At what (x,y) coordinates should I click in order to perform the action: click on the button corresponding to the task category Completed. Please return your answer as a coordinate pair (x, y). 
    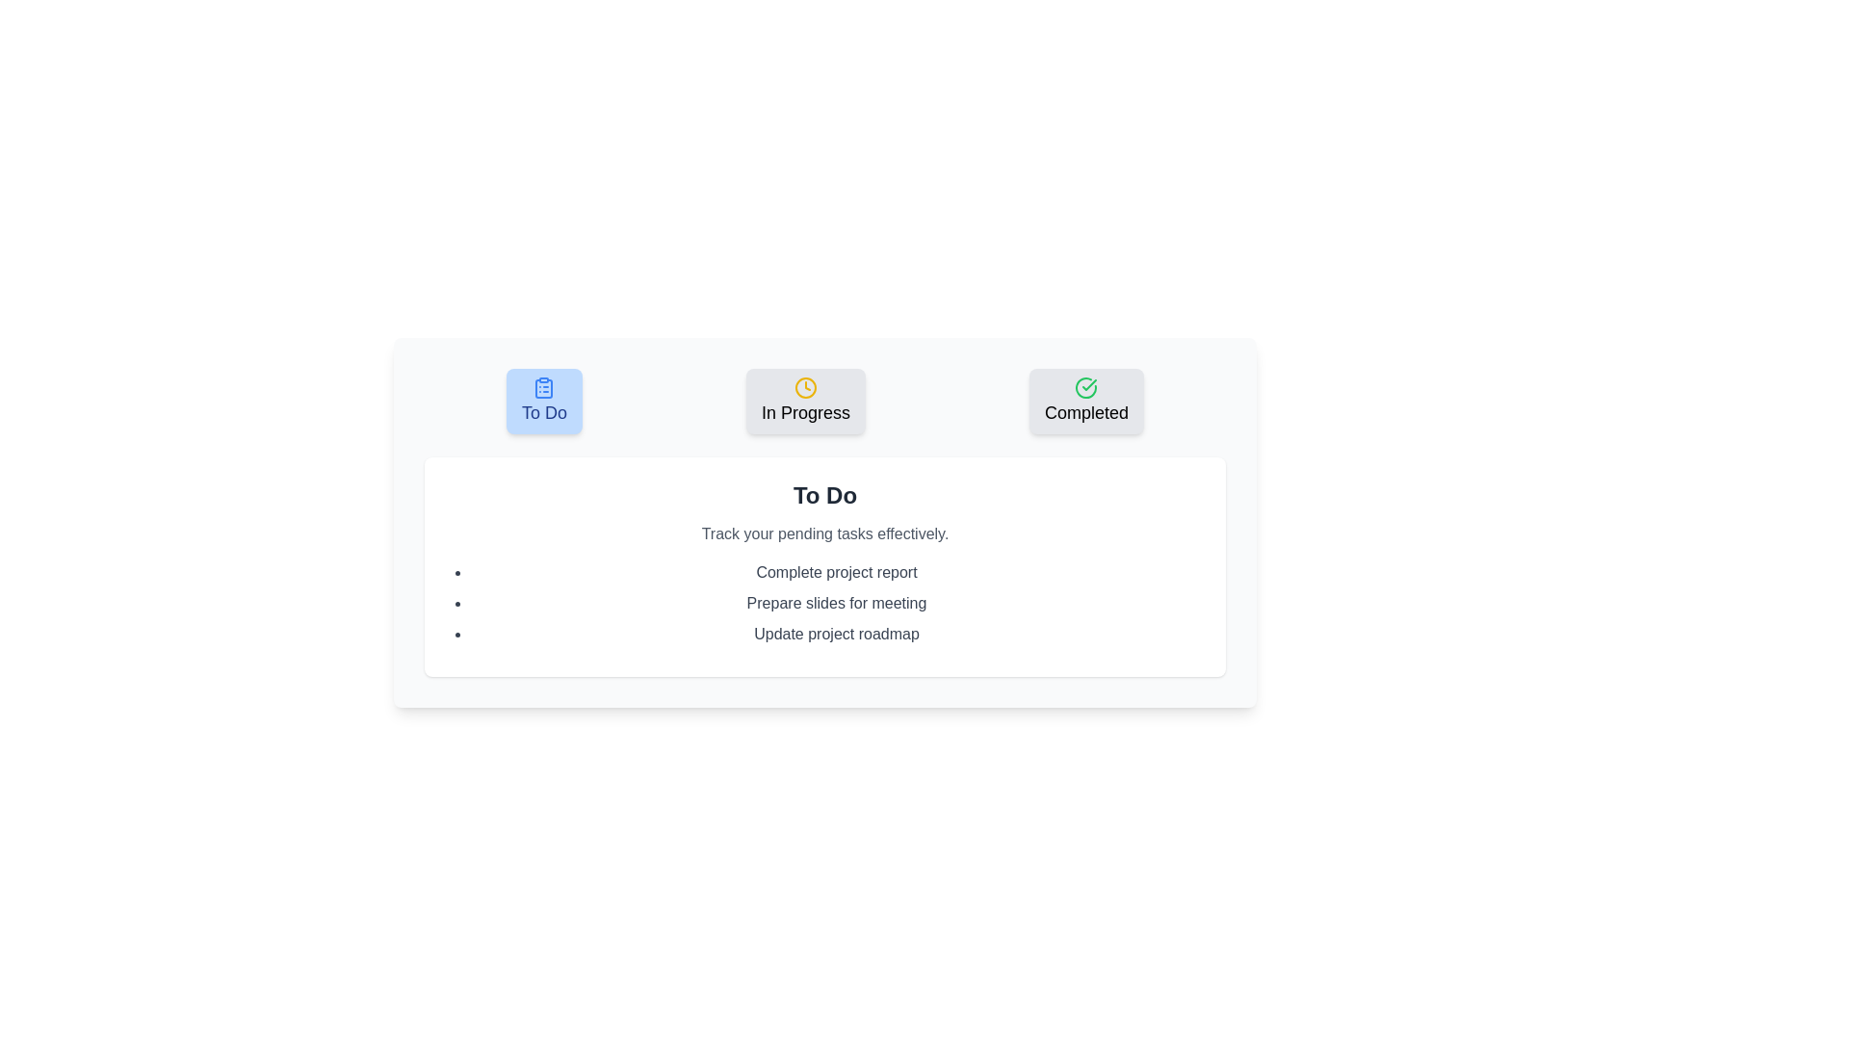
    Looking at the image, I should click on (1086, 400).